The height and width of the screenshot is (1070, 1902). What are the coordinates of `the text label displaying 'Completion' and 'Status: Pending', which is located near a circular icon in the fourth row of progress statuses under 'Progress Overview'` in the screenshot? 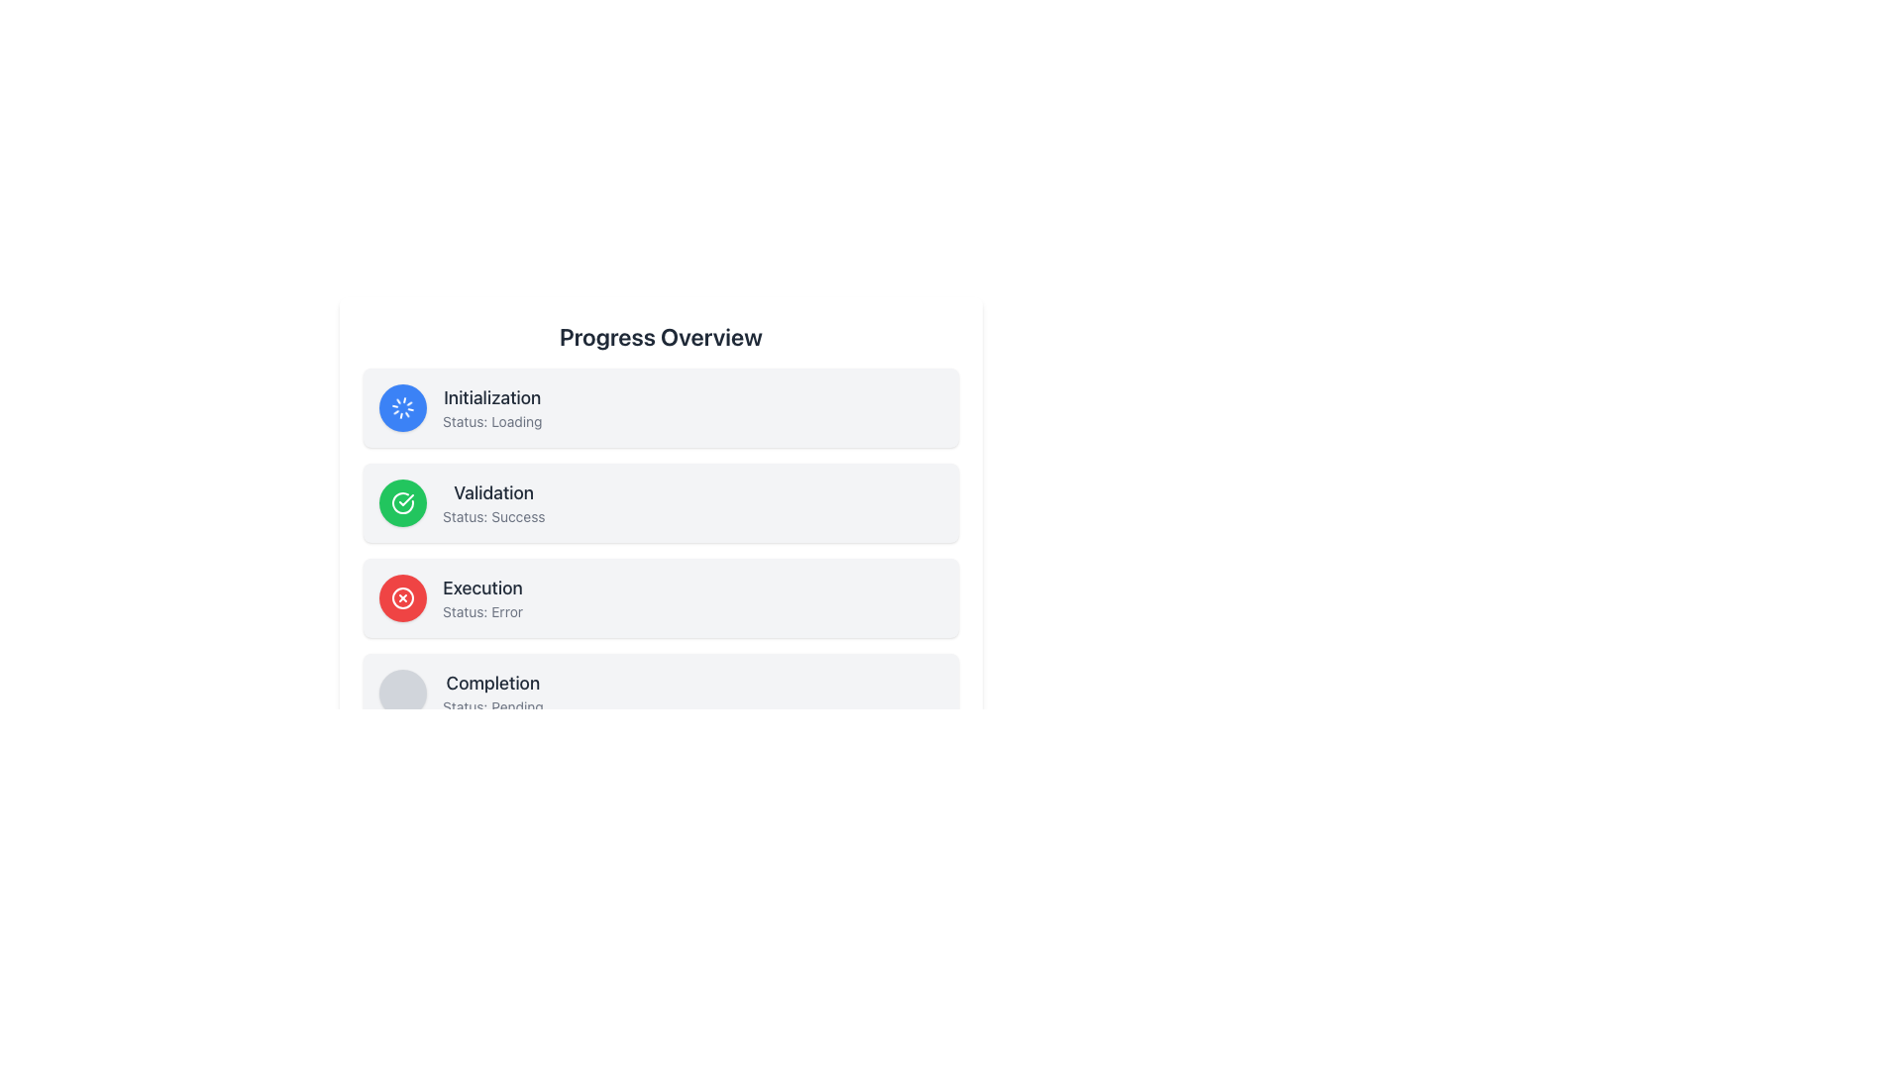 It's located at (492, 692).